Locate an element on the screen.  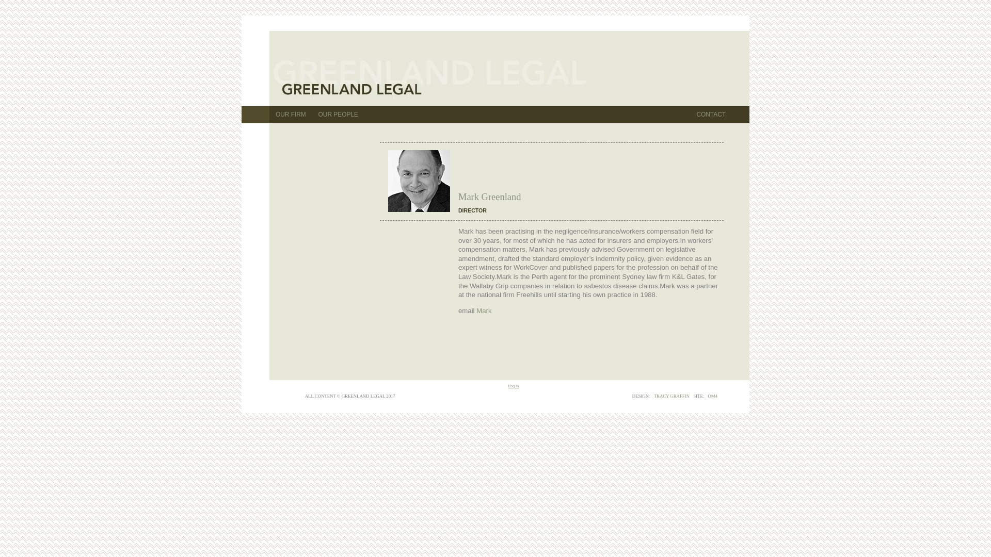
'TRACY GRAFFIN' is located at coordinates (672, 395).